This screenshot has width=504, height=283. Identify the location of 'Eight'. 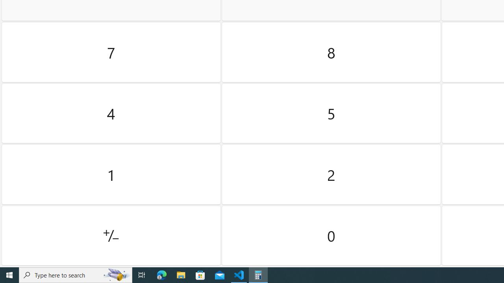
(331, 52).